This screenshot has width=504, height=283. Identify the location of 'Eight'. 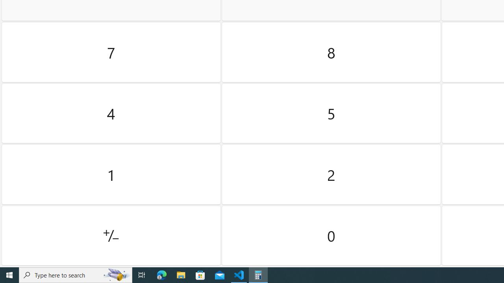
(331, 52).